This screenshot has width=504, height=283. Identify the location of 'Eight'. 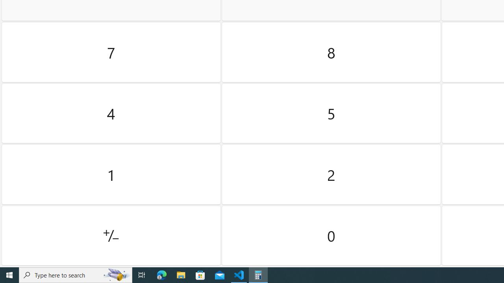
(331, 52).